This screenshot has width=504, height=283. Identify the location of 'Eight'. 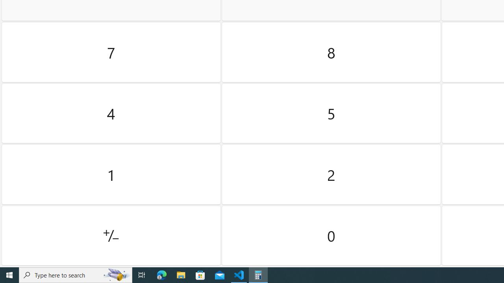
(331, 52).